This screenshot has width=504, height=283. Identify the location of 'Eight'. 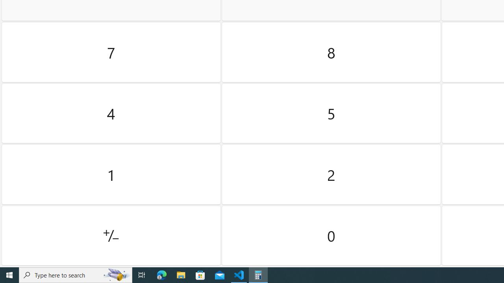
(331, 52).